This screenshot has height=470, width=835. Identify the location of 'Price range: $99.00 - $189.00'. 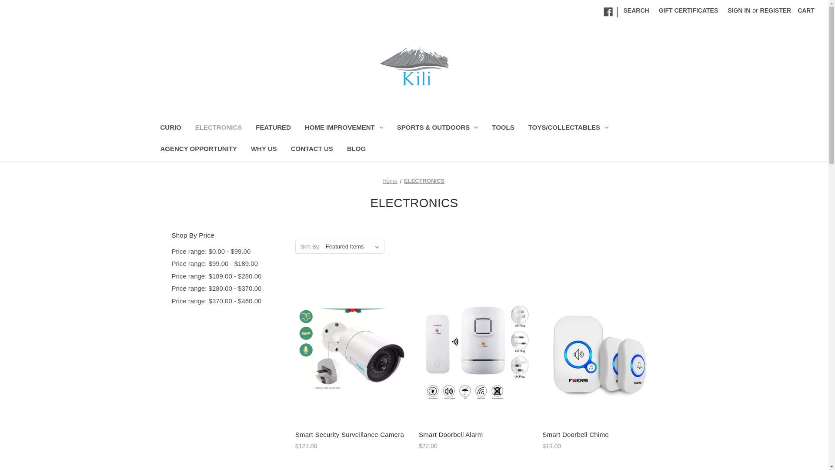
(171, 263).